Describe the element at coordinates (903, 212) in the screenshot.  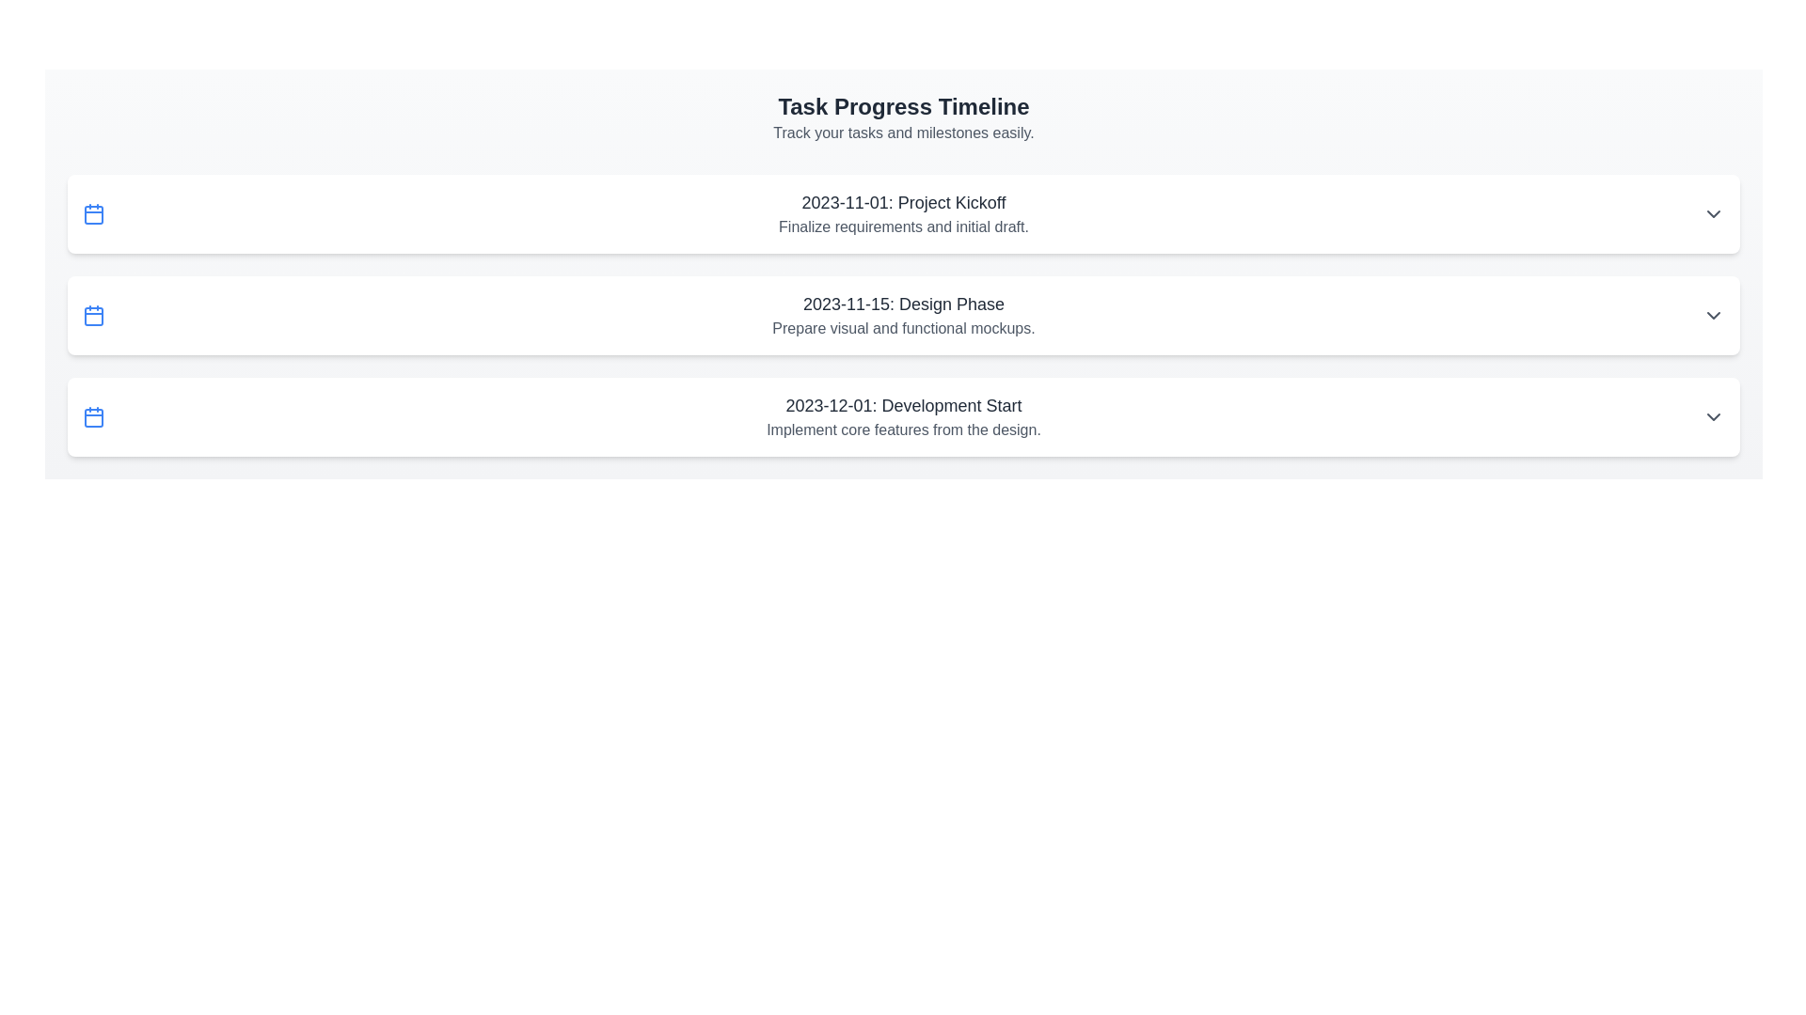
I see `the first task milestone` at that location.